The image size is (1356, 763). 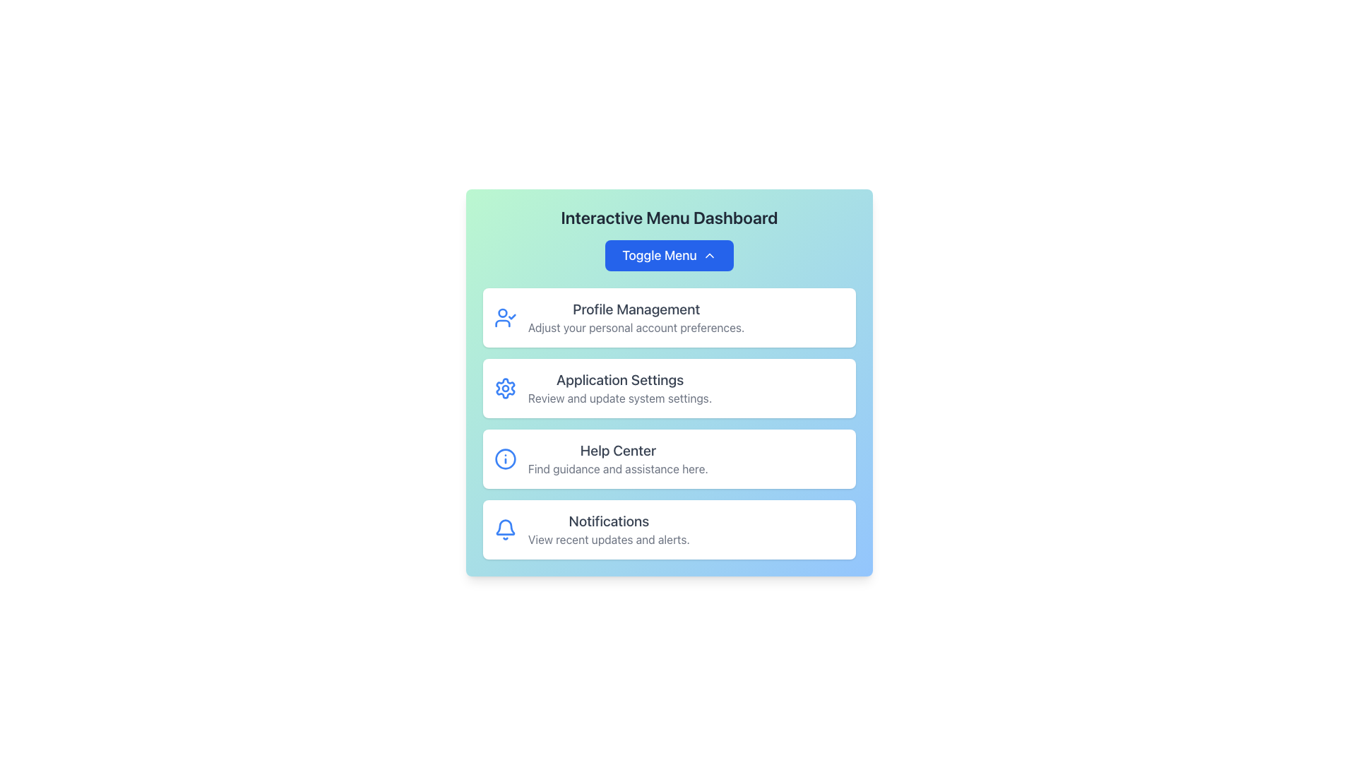 What do you see at coordinates (636, 309) in the screenshot?
I see `the title text element that indicates the purpose of managing user profiles, located at the top of the interface above the descriptive text 'Adjust your personal account preferences'` at bounding box center [636, 309].